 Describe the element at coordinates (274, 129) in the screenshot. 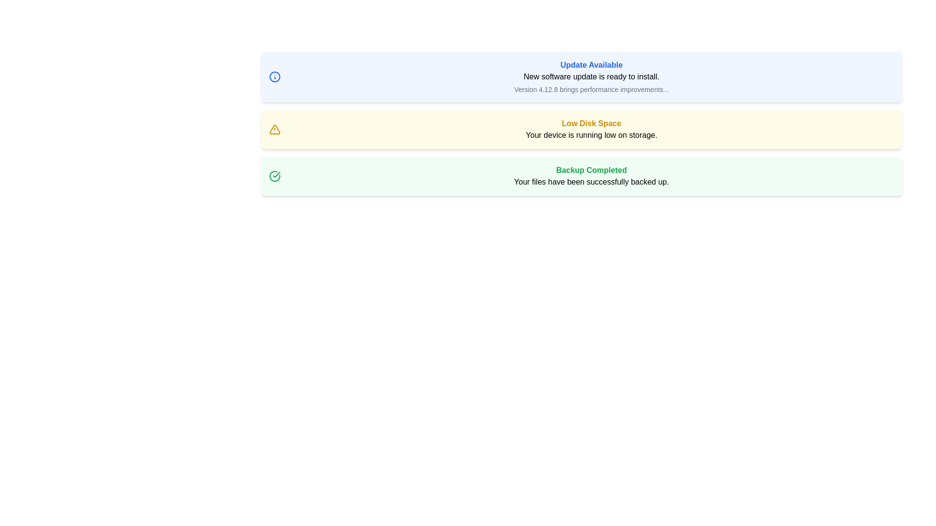

I see `the Warning Icon located on the left side of the yellow alert banner titled 'Low Disk Space'` at that location.